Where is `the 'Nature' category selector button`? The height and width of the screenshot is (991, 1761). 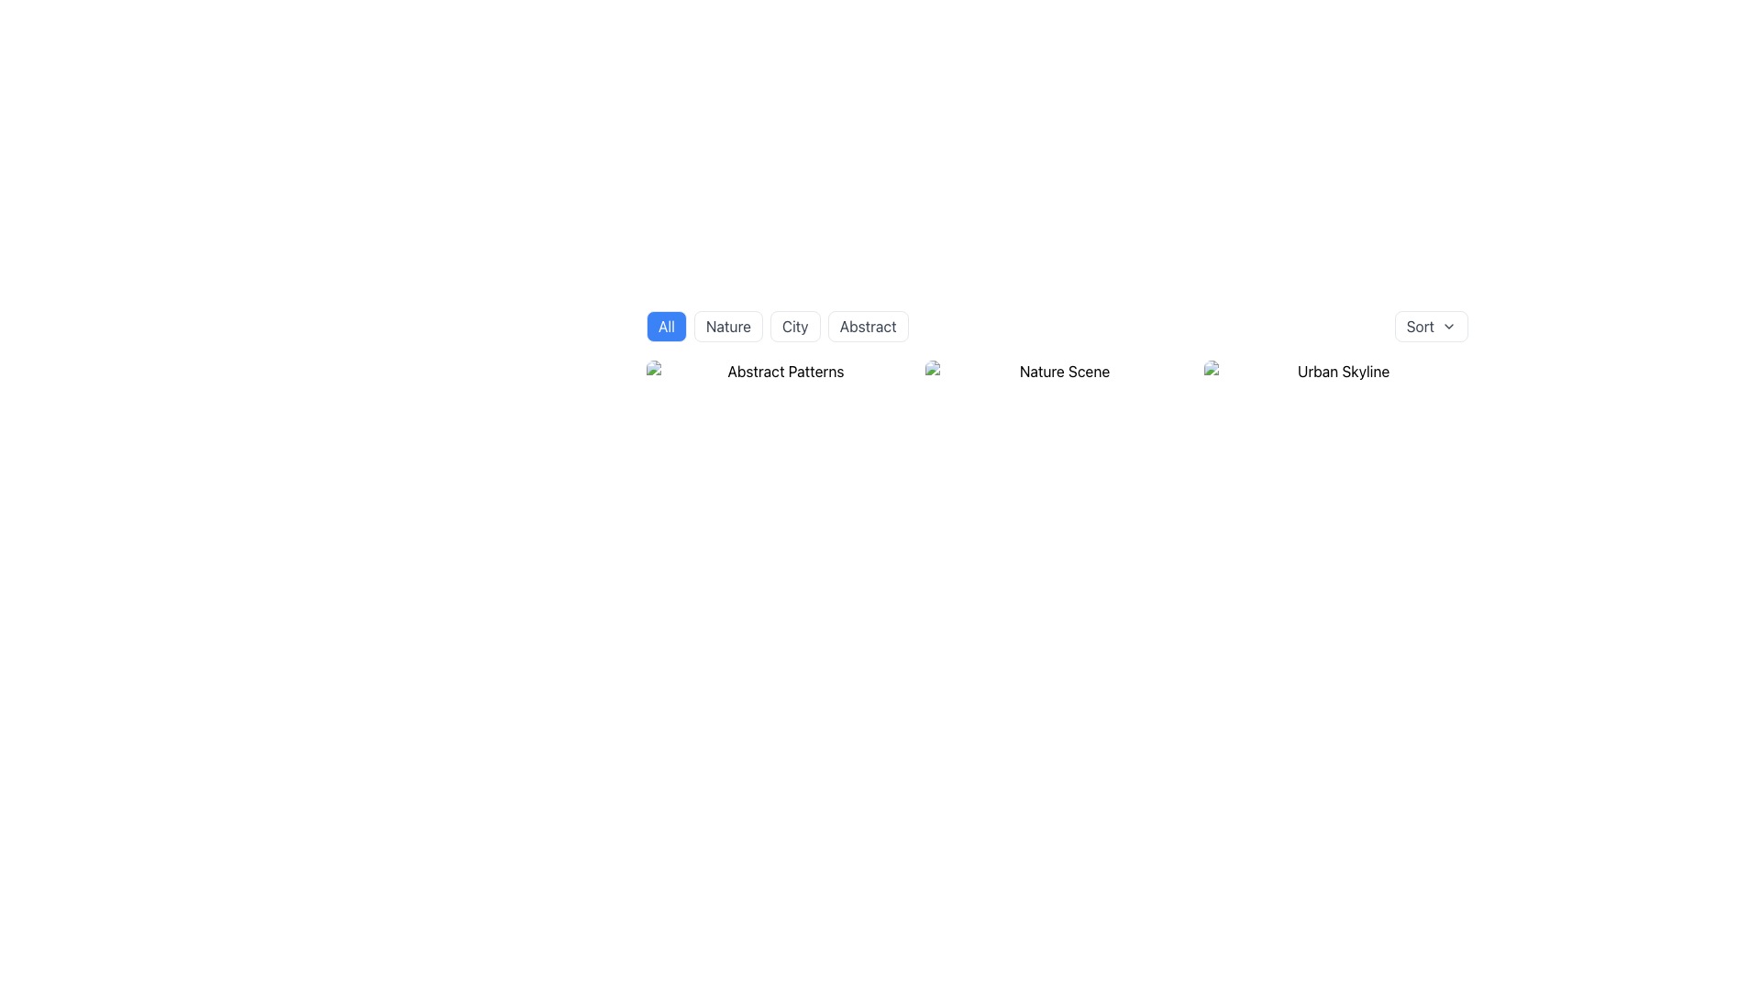 the 'Nature' category selector button is located at coordinates (727, 325).